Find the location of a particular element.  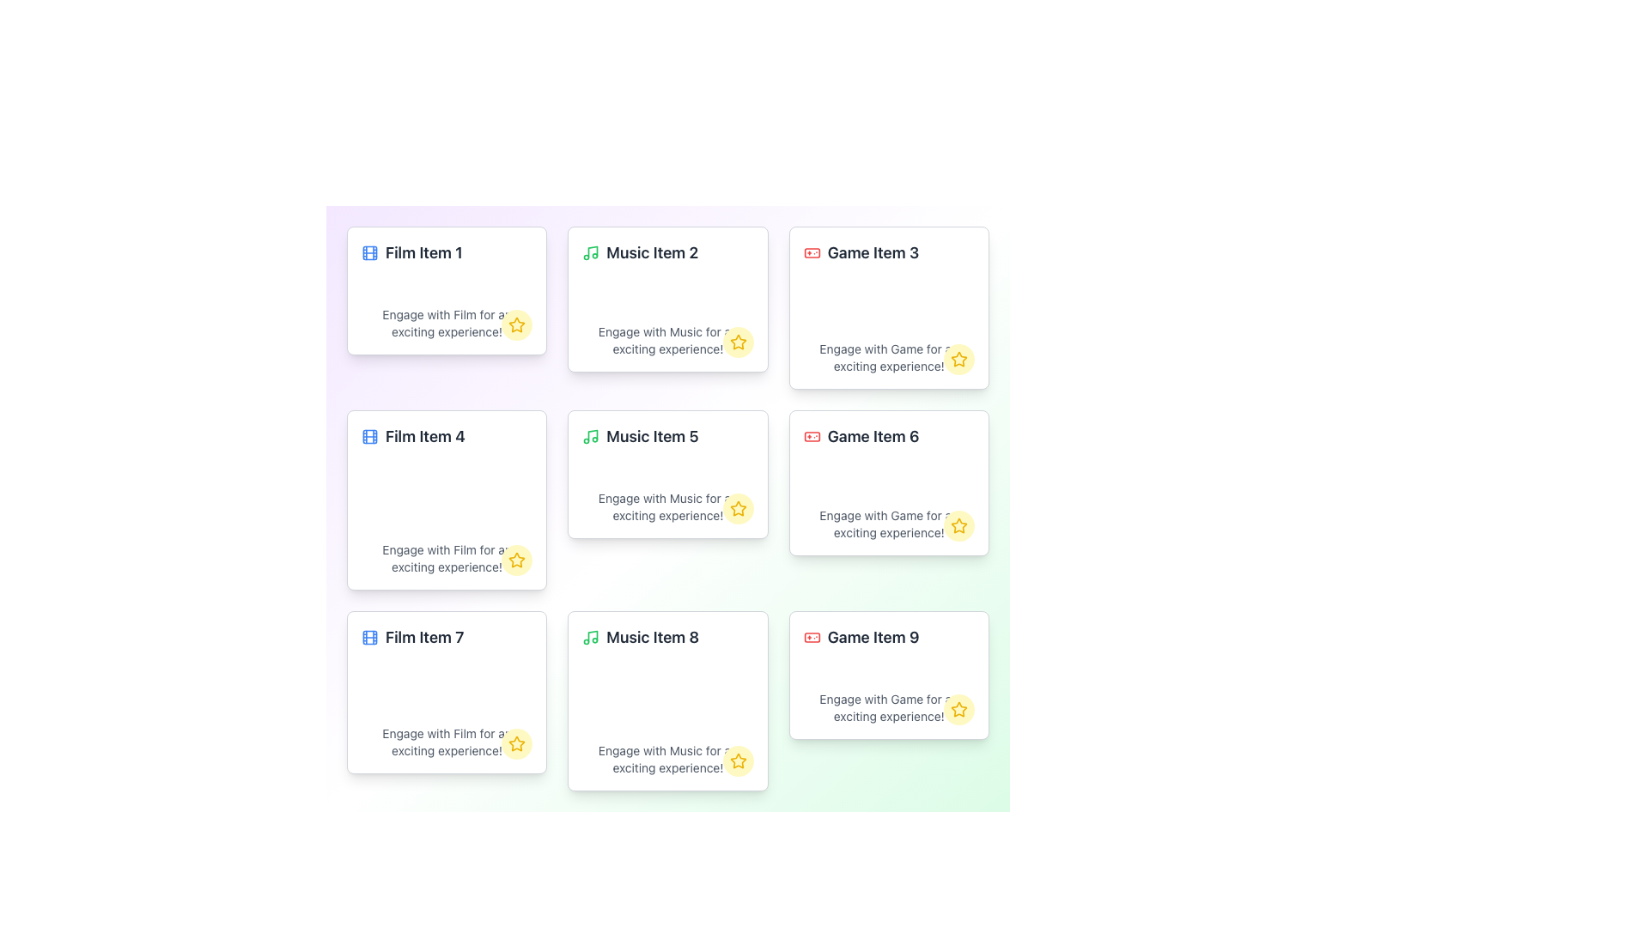

the Text Display element that shows the notification message 'Engage with Music for an exciting experience!' located within the 'Music Item 2' card is located at coordinates (666, 341).